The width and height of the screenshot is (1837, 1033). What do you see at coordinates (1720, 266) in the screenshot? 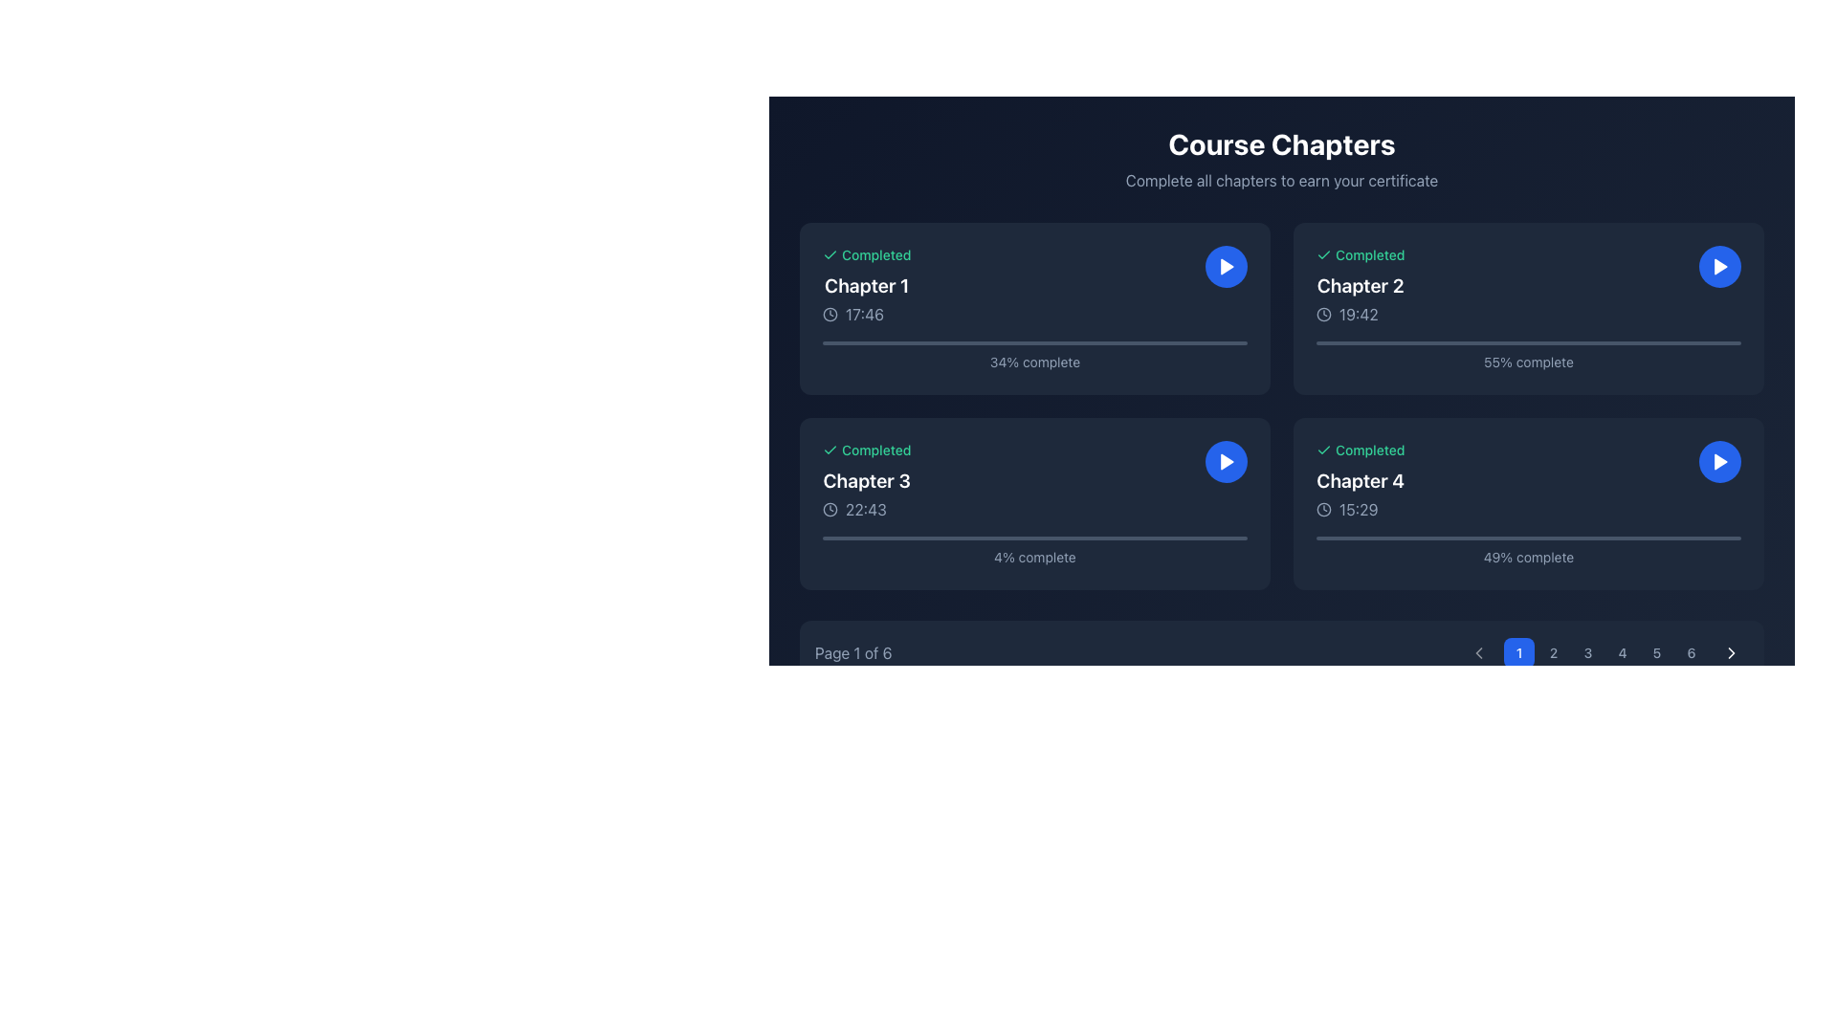
I see `the triangular play button located in the top-right corner of the second chapter card` at bounding box center [1720, 266].